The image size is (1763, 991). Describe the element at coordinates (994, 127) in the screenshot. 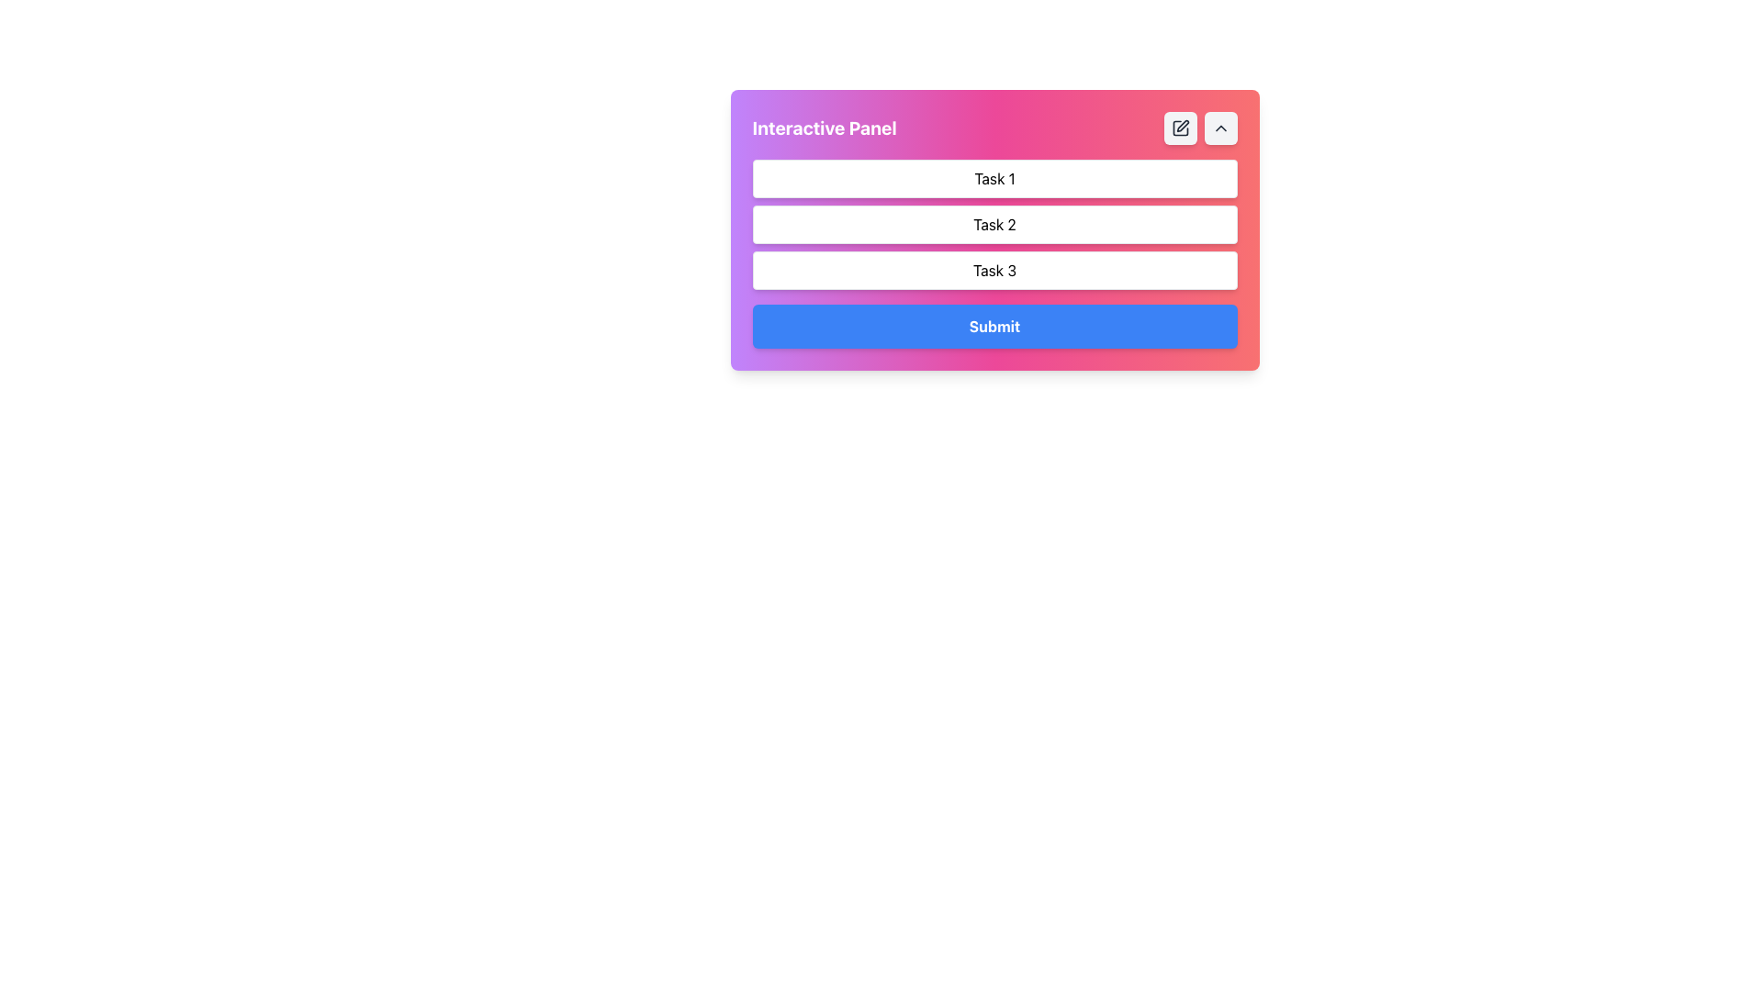

I see `the Text element with a background that serves as the title or header for the card interface, located at the topmost section of the card above the 'Task 1' button` at that location.